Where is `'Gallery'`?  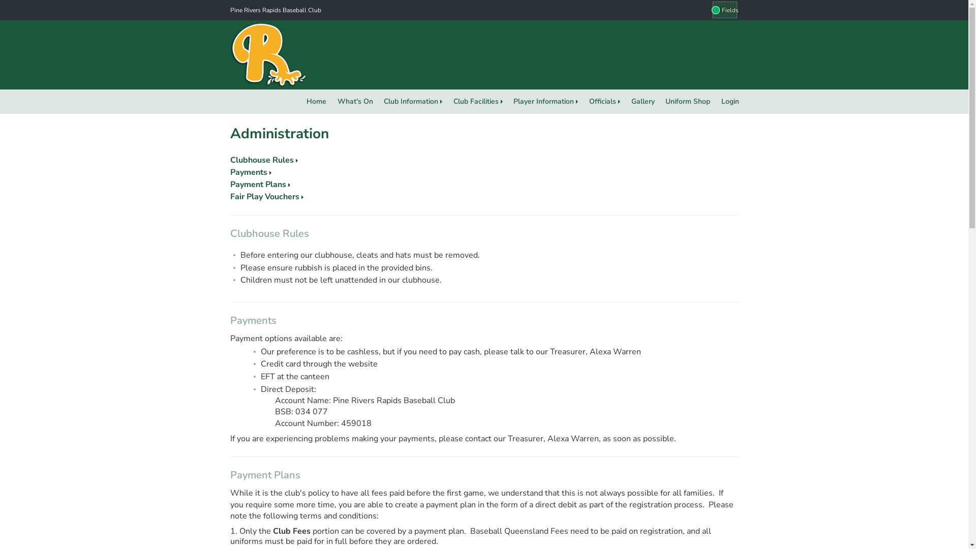
'Gallery' is located at coordinates (643, 102).